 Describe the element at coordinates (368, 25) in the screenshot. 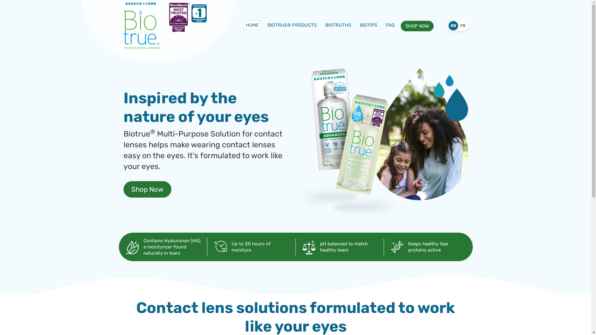

I see `'BIOTIPS'` at that location.